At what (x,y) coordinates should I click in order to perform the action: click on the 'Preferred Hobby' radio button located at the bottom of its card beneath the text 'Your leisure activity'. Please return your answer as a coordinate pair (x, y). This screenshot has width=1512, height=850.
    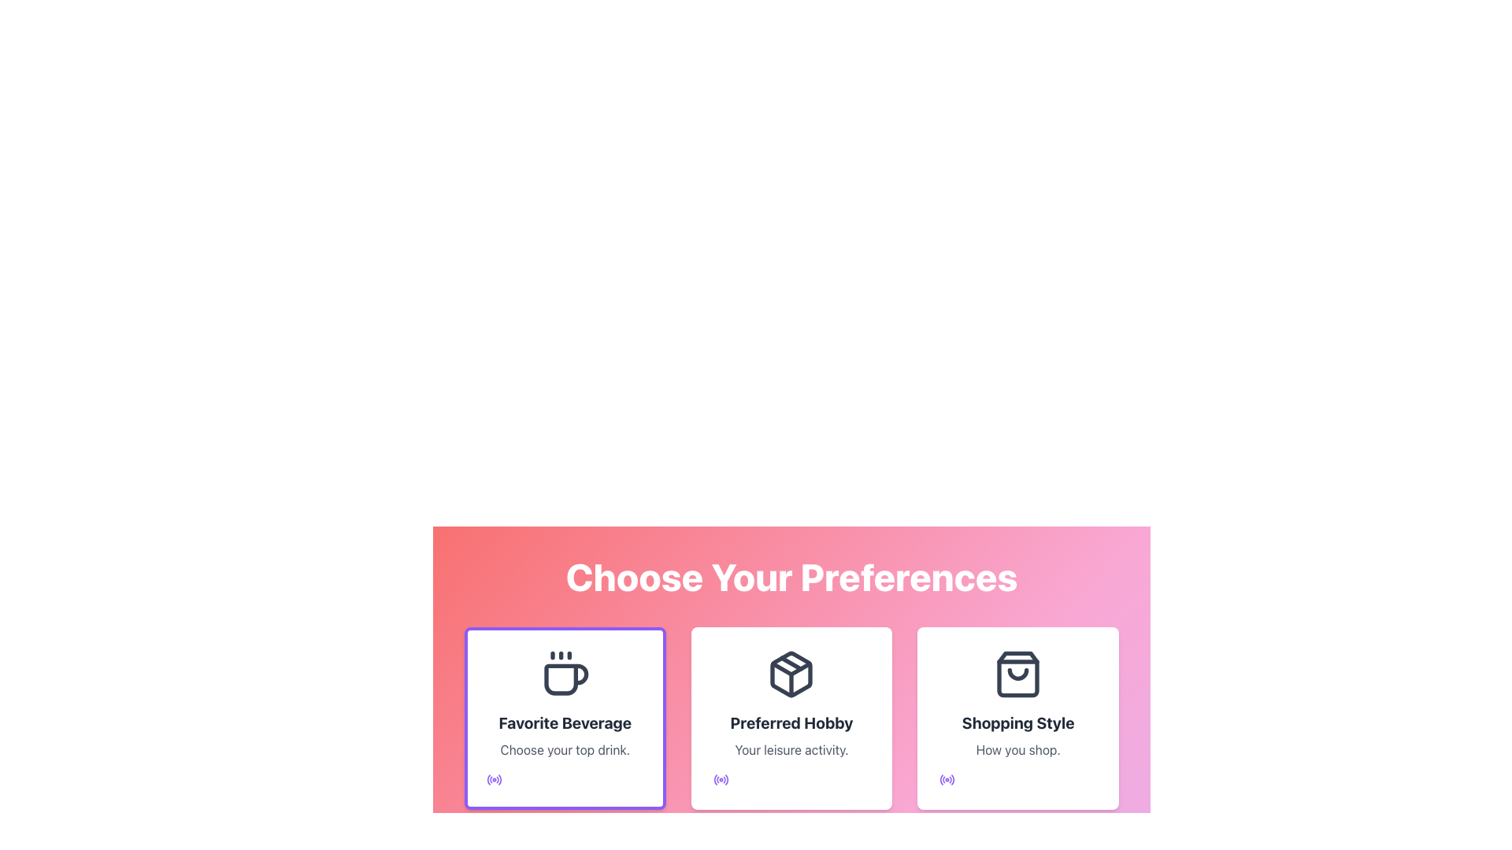
    Looking at the image, I should click on (720, 780).